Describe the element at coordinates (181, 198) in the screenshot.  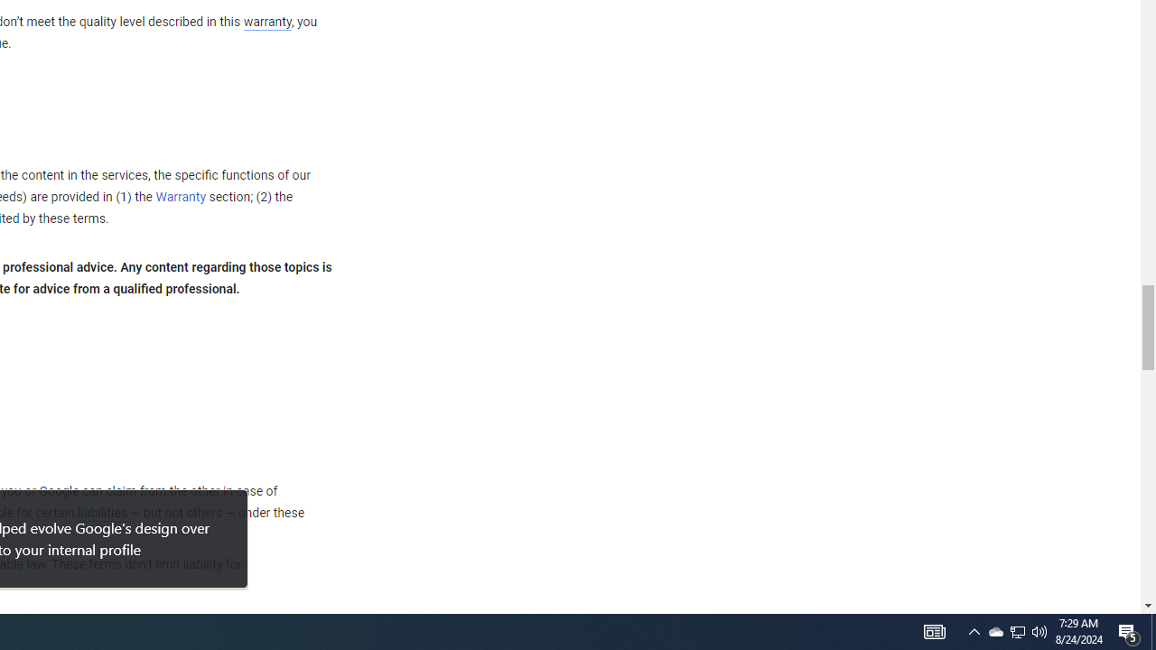
I see `'Warranty'` at that location.